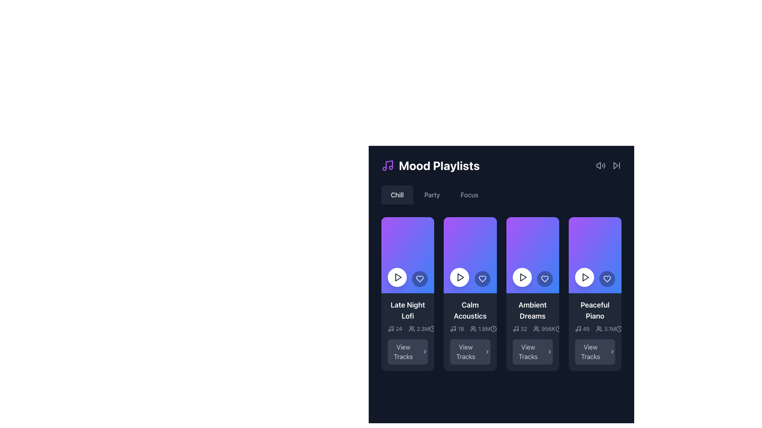 The image size is (762, 428). I want to click on the play icon located at the center of the circular button in the second card labeled 'Calm Acoustics' to initiate playback of the playlist, so click(460, 277).